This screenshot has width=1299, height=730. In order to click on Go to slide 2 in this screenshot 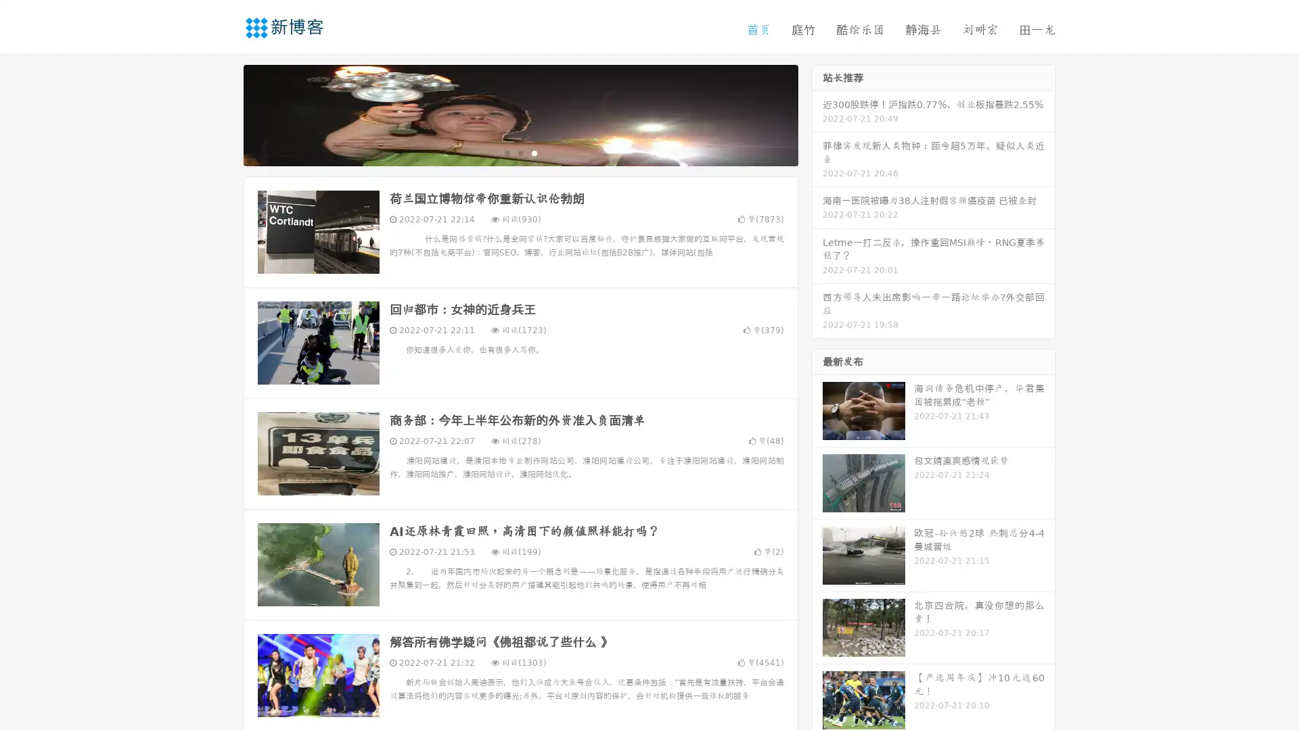, I will do `click(520, 152)`.